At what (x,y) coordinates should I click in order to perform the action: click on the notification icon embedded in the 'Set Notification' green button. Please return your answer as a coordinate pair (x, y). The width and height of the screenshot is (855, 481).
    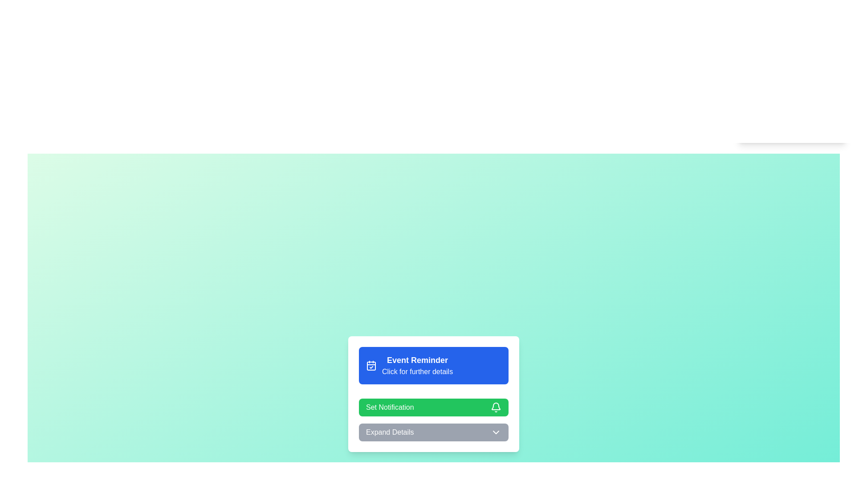
    Looking at the image, I should click on (495, 406).